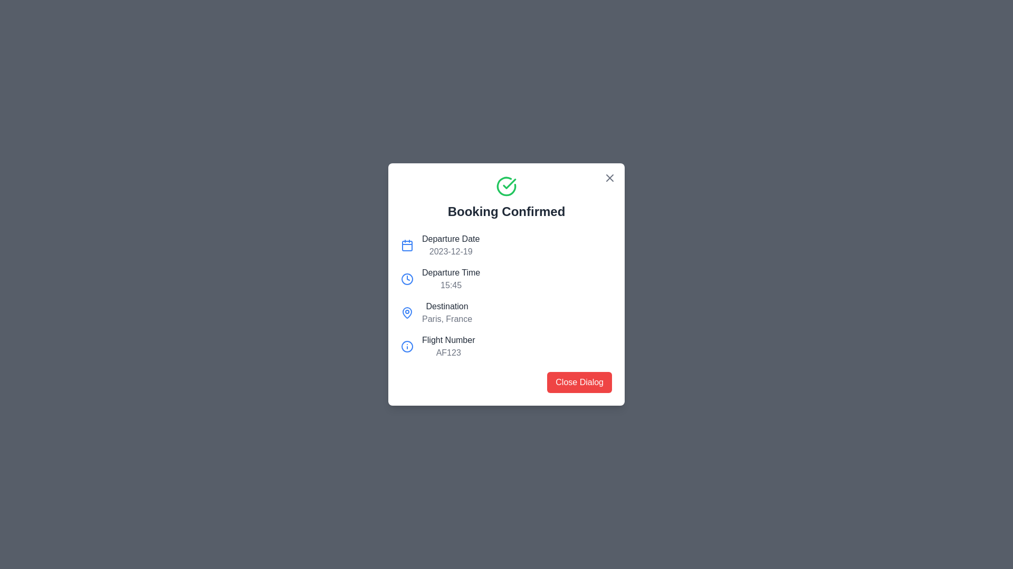 The width and height of the screenshot is (1013, 569). What do you see at coordinates (448, 353) in the screenshot?
I see `the label displaying 'AF123' in gray font, which is located below the 'Flight Number' label and aligned to its right` at bounding box center [448, 353].